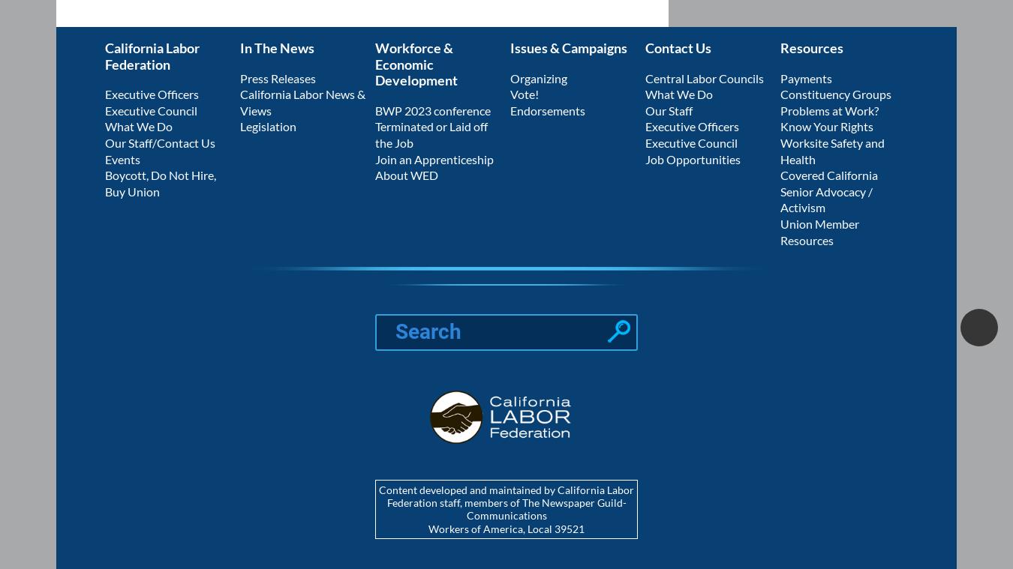 This screenshot has height=569, width=1013. Describe the element at coordinates (677, 46) in the screenshot. I see `'Contact Us'` at that location.